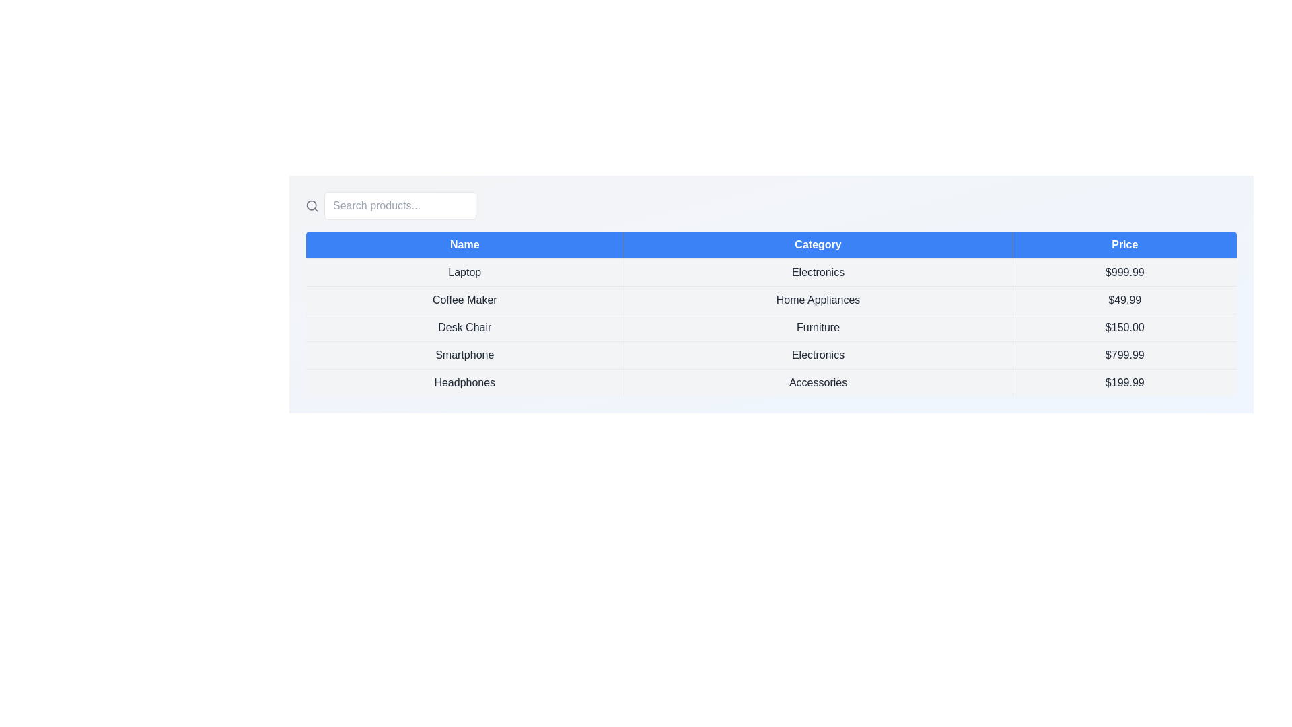 This screenshot has width=1292, height=727. I want to click on the text element displaying the price '$49.99' in the pricing column of the second row in the product information table, so click(1124, 300).